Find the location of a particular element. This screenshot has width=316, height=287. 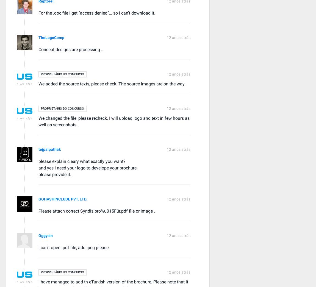

'please explain cleary what exactly you want?' is located at coordinates (38, 161).